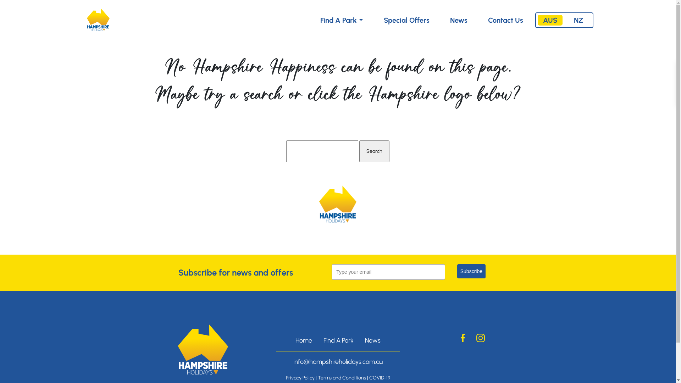  Describe the element at coordinates (300, 377) in the screenshot. I see `'Privacy Policy'` at that location.